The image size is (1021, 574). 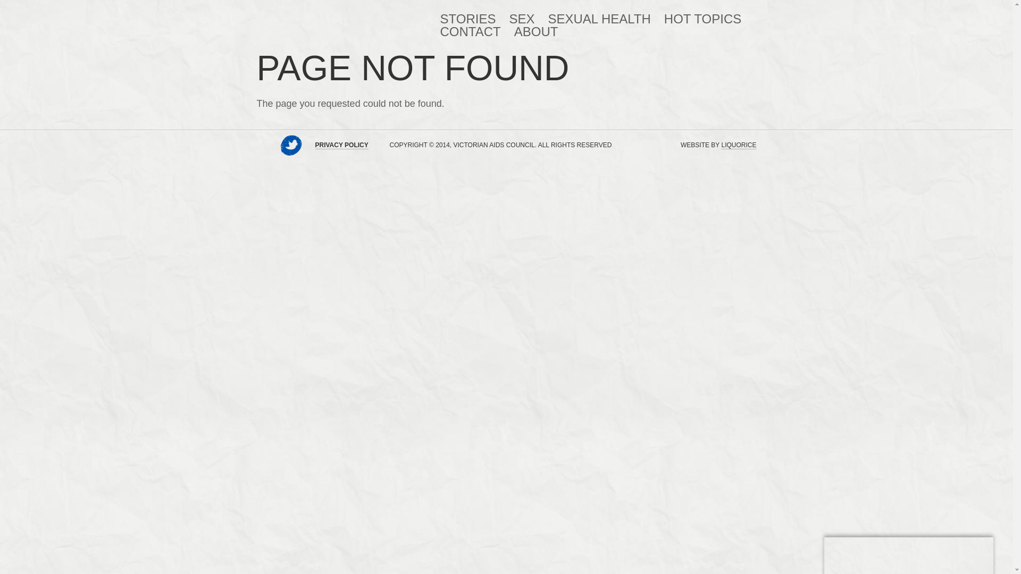 I want to click on 'CONTACT', so click(x=440, y=31).